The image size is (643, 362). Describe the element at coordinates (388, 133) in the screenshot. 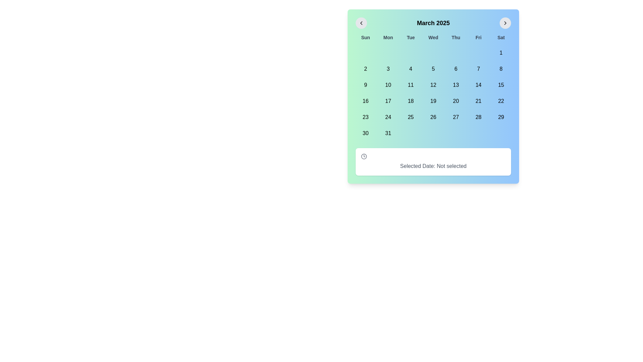

I see `the selectable date button-like calendar cell representing the date '31'` at that location.